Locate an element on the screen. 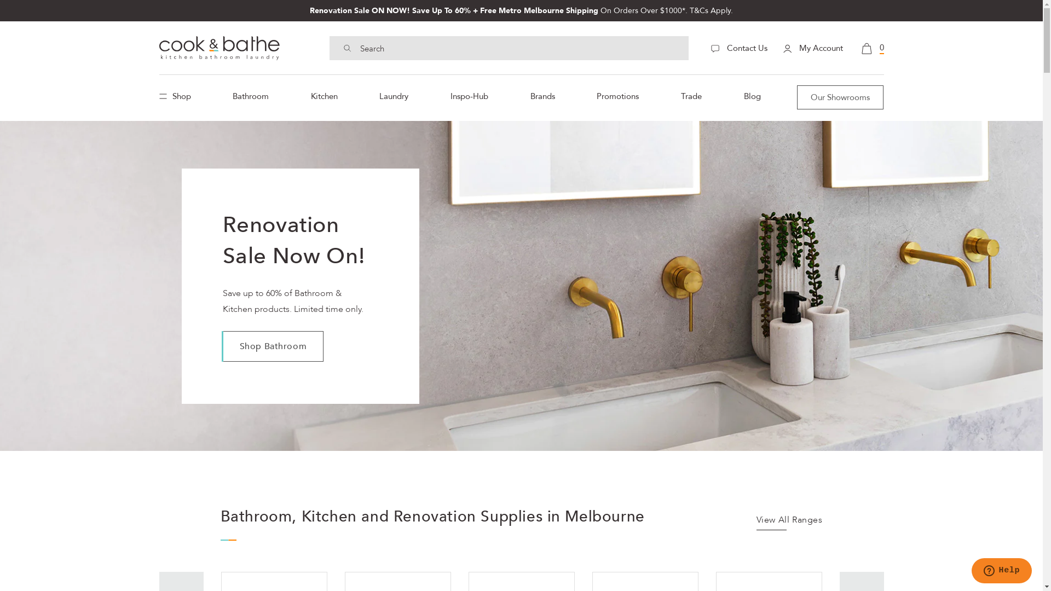 The height and width of the screenshot is (591, 1051). 'Blog' is located at coordinates (752, 96).